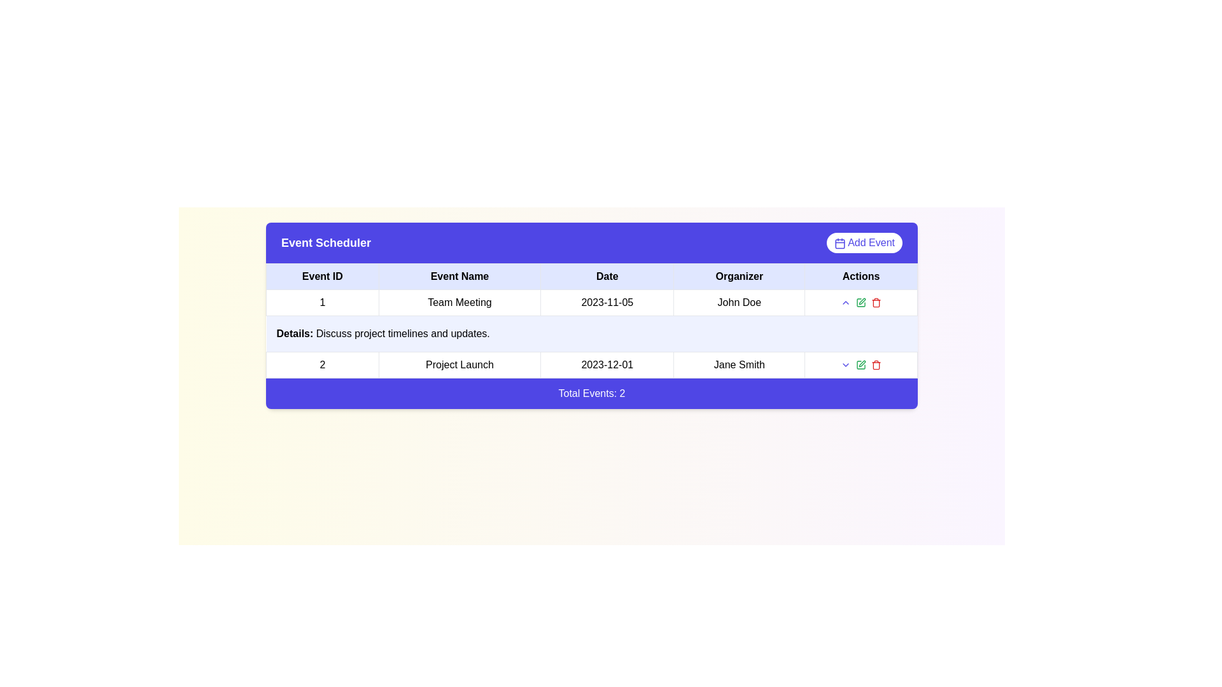  I want to click on the green pencil icon in the 'Actions' column of the first row, so click(861, 302).